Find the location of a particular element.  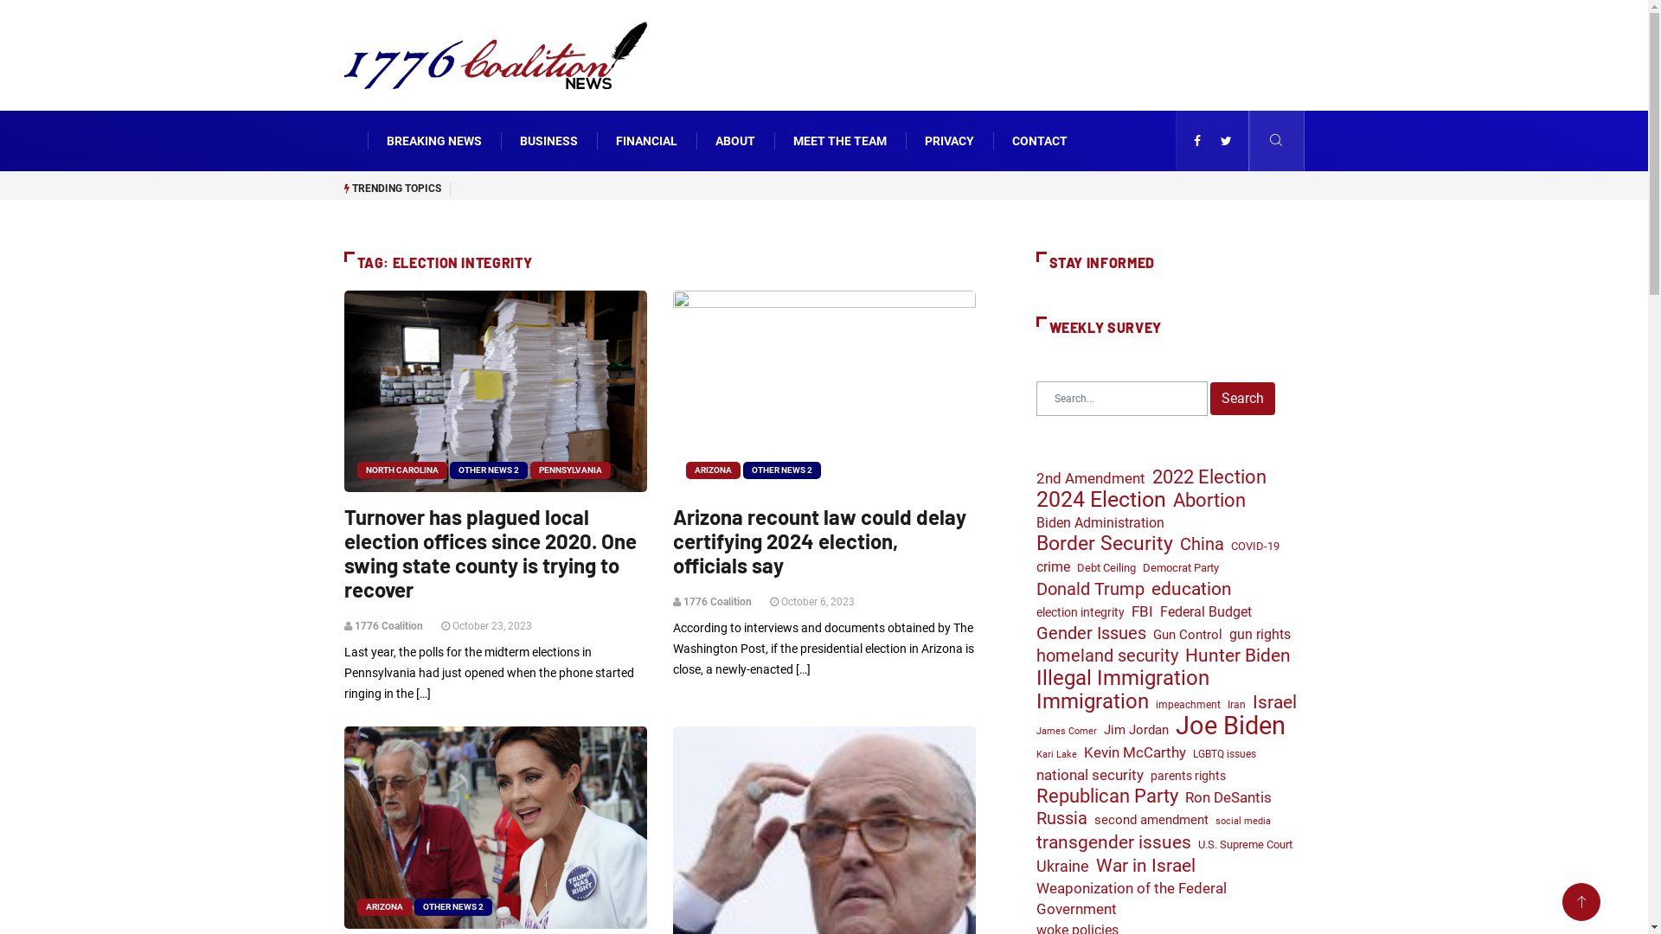

'Ron DeSantis' is located at coordinates (1228, 797).